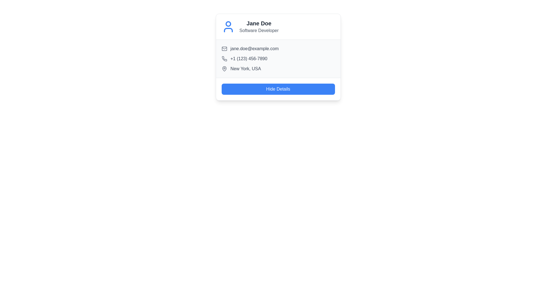  I want to click on marker icon shaped like a pin located in the middle-right section of the card component, to the left of the 'New York, USA' text, so click(224, 68).